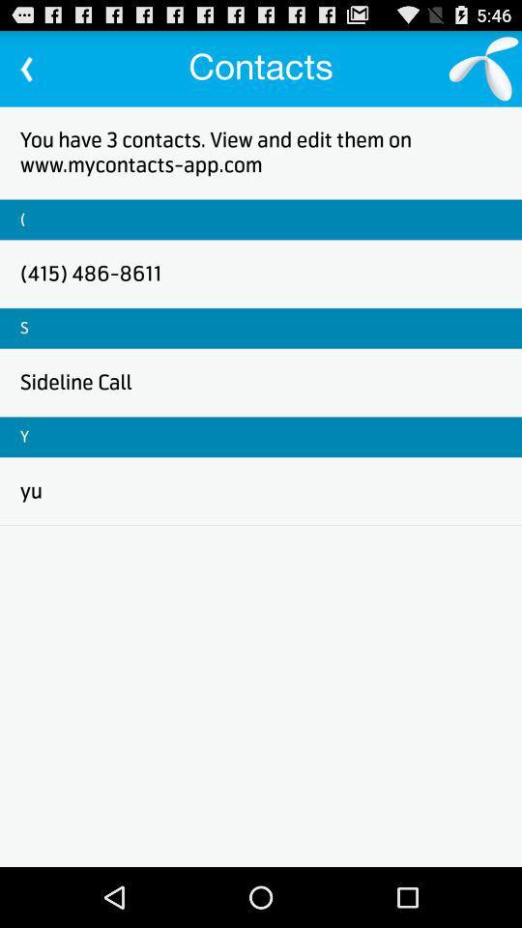  I want to click on the item above the sideline call item, so click(23, 328).